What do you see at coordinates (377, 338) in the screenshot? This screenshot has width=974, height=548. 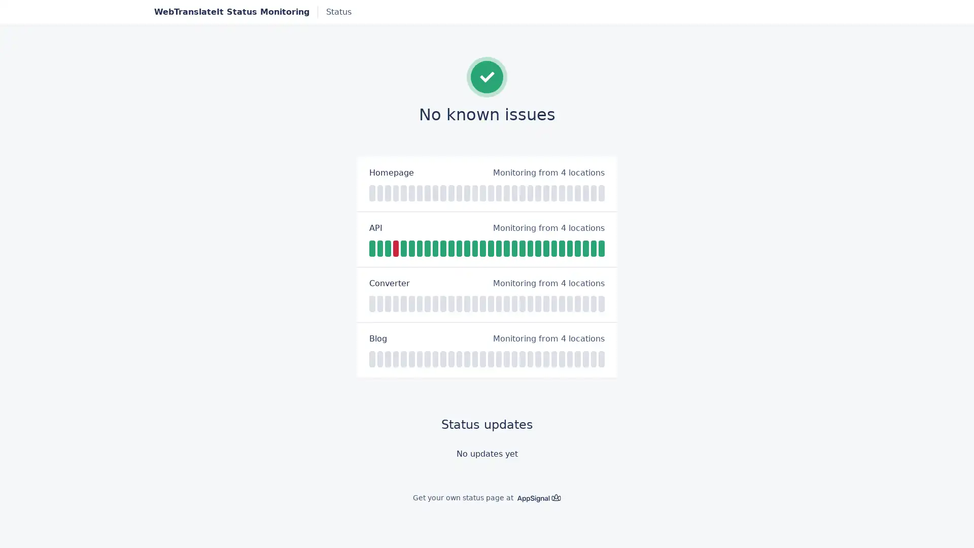 I see `Blog` at bounding box center [377, 338].